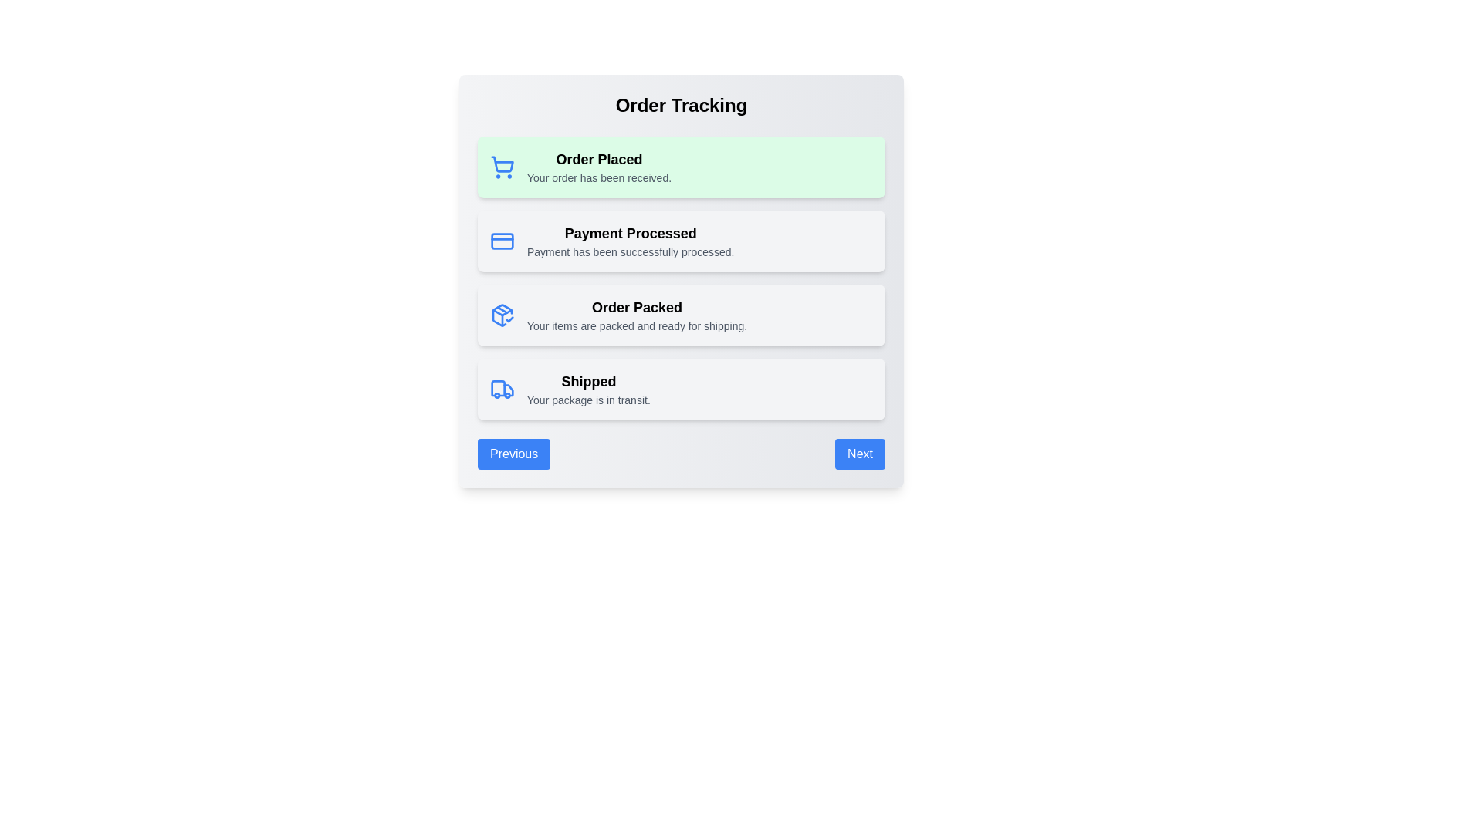 This screenshot has width=1482, height=833. Describe the element at coordinates (514, 454) in the screenshot. I see `the 'Previous' button with blue background and white text to reduce opacity` at that location.